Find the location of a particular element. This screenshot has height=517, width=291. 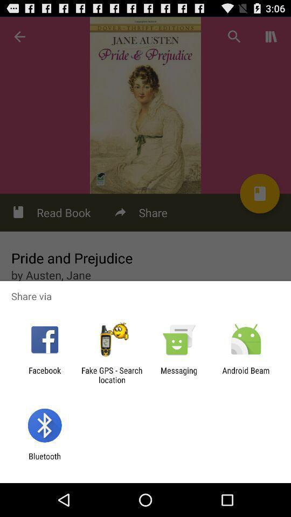

icon to the right of facebook item is located at coordinates (111, 375).